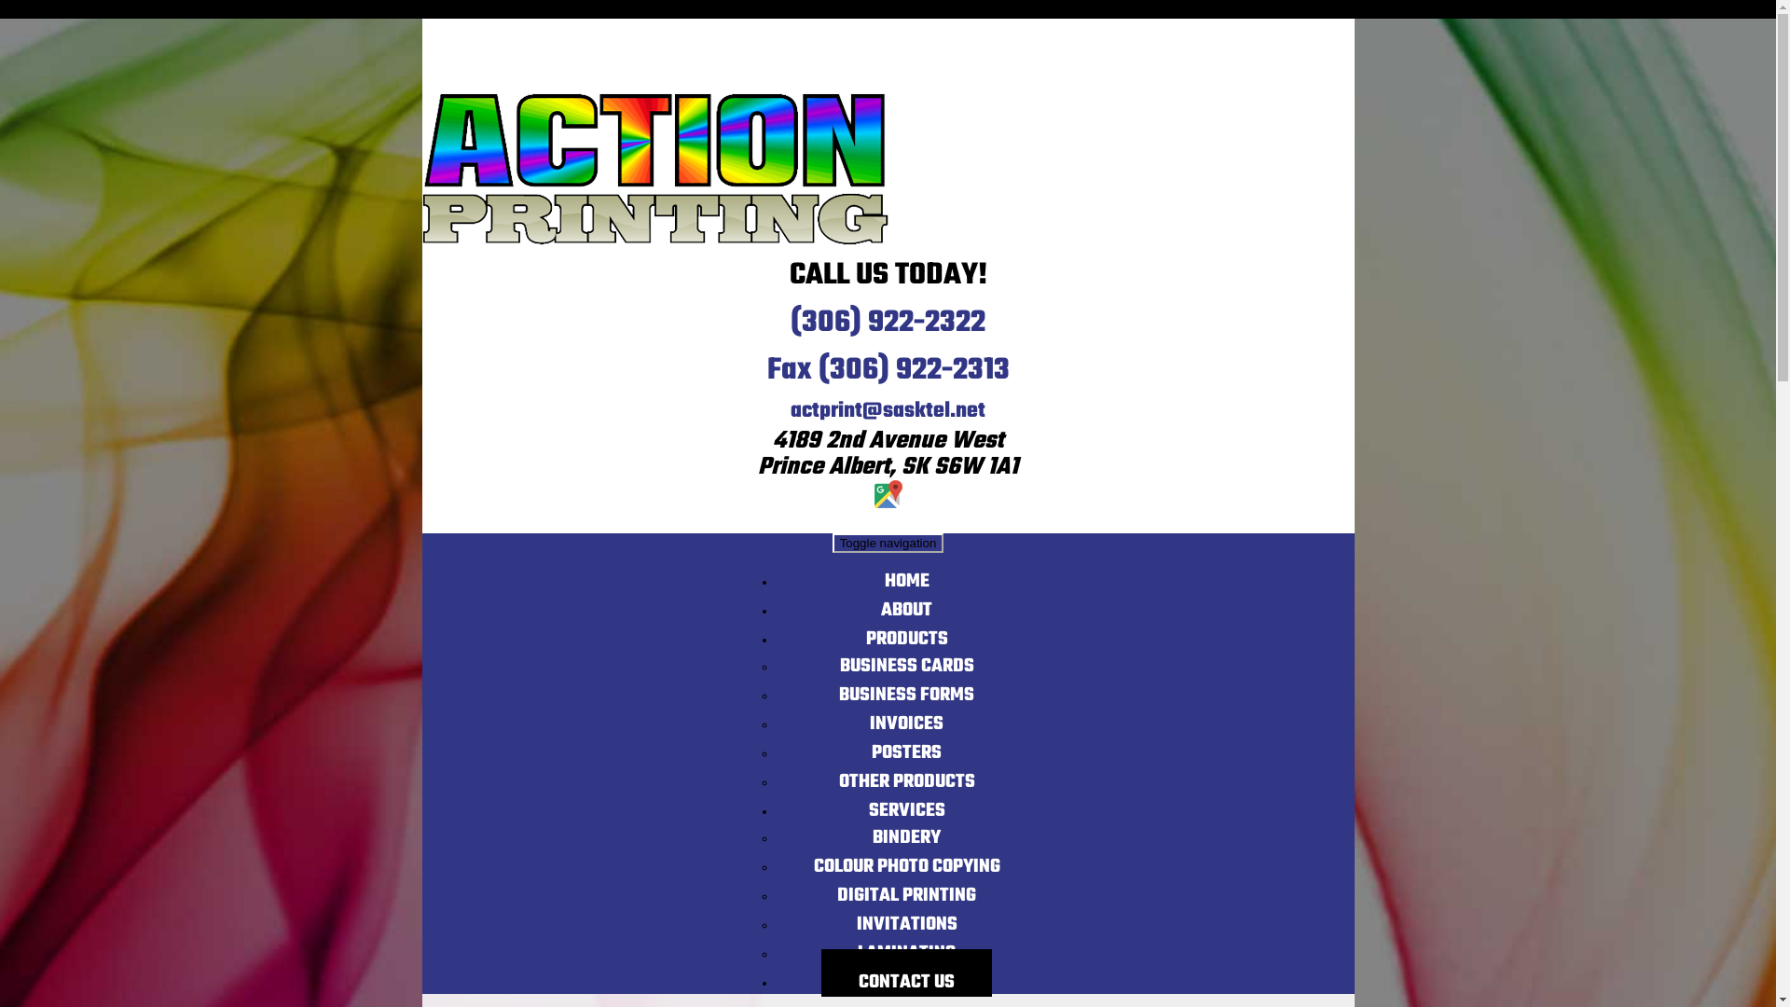  Describe the element at coordinates (906, 713) in the screenshot. I see `'INVOICES'` at that location.